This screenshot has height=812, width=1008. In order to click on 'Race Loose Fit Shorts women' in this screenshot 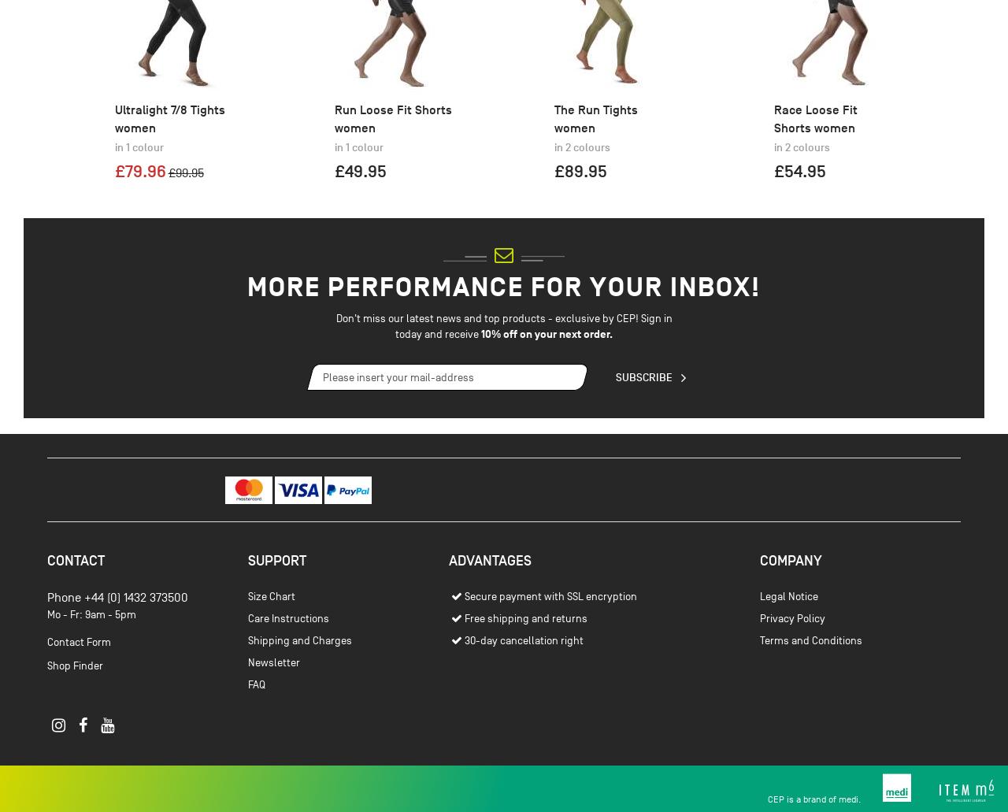, I will do `click(815, 202)`.